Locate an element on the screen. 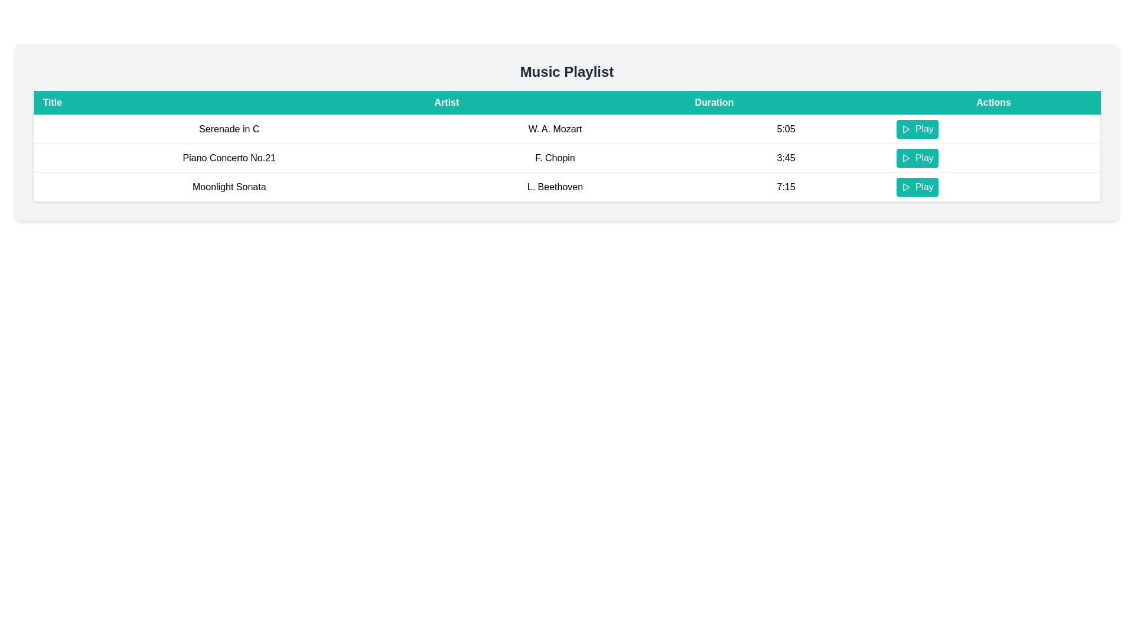 The height and width of the screenshot is (638, 1134). the text label displaying '3:45' in black font, which indicates a time duration in the 'Duration' column of the table row for 'Piano Concerto No.21' under the 'Music Playlist' section is located at coordinates (786, 157).